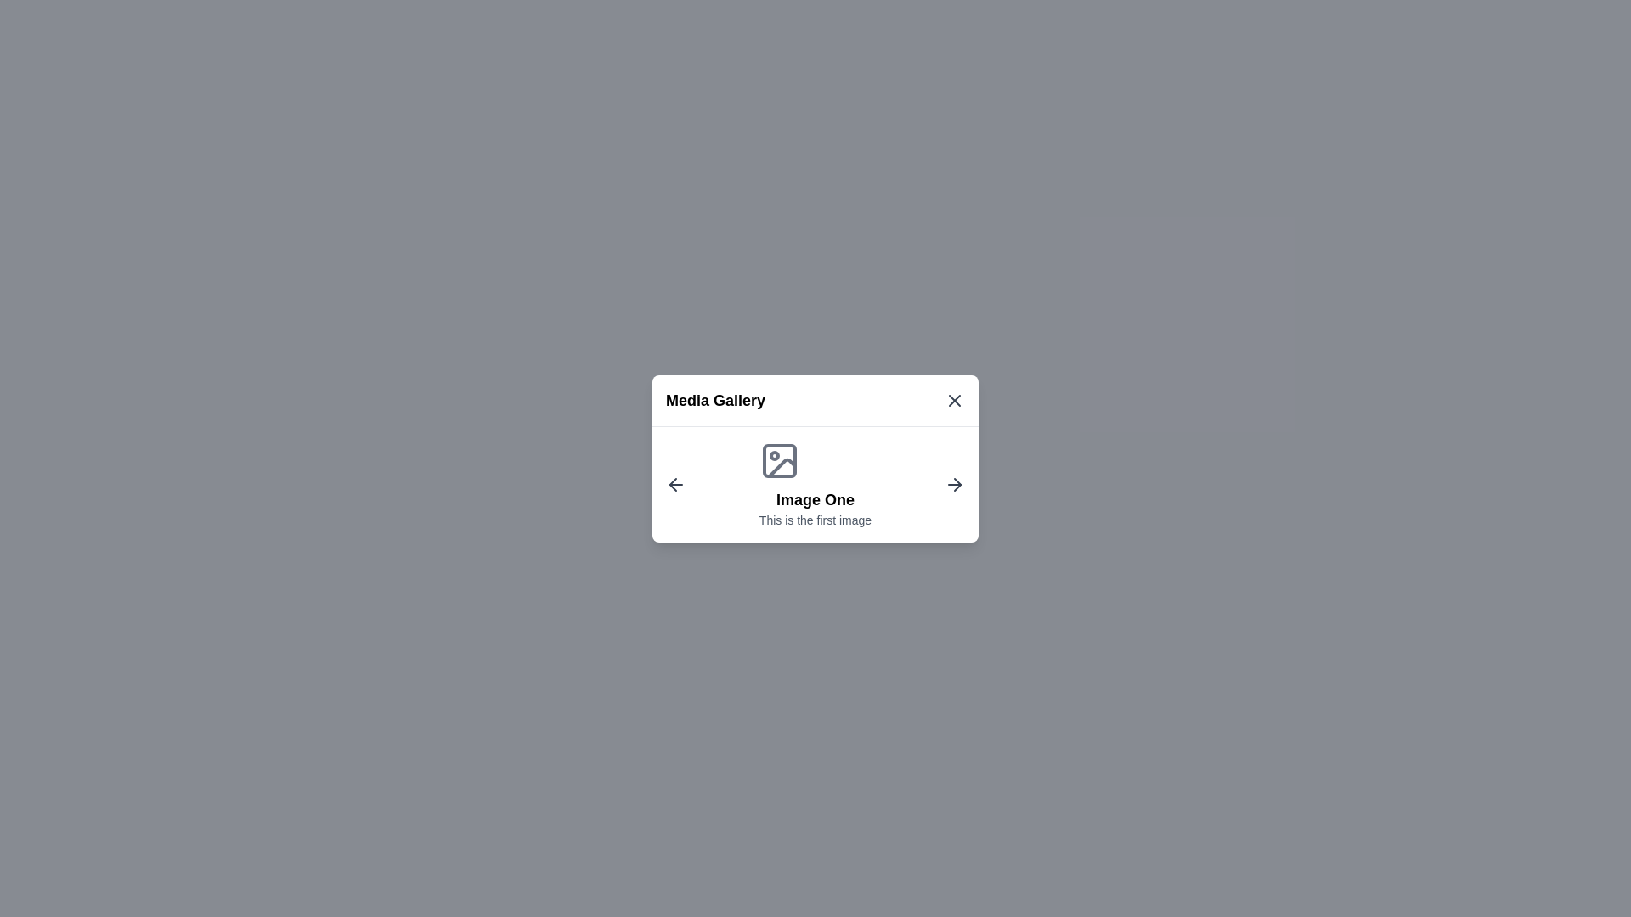 This screenshot has height=917, width=1631. What do you see at coordinates (954, 484) in the screenshot?
I see `the outlined rightward-pointing arrow button located in the 'Media Gallery' popup` at bounding box center [954, 484].